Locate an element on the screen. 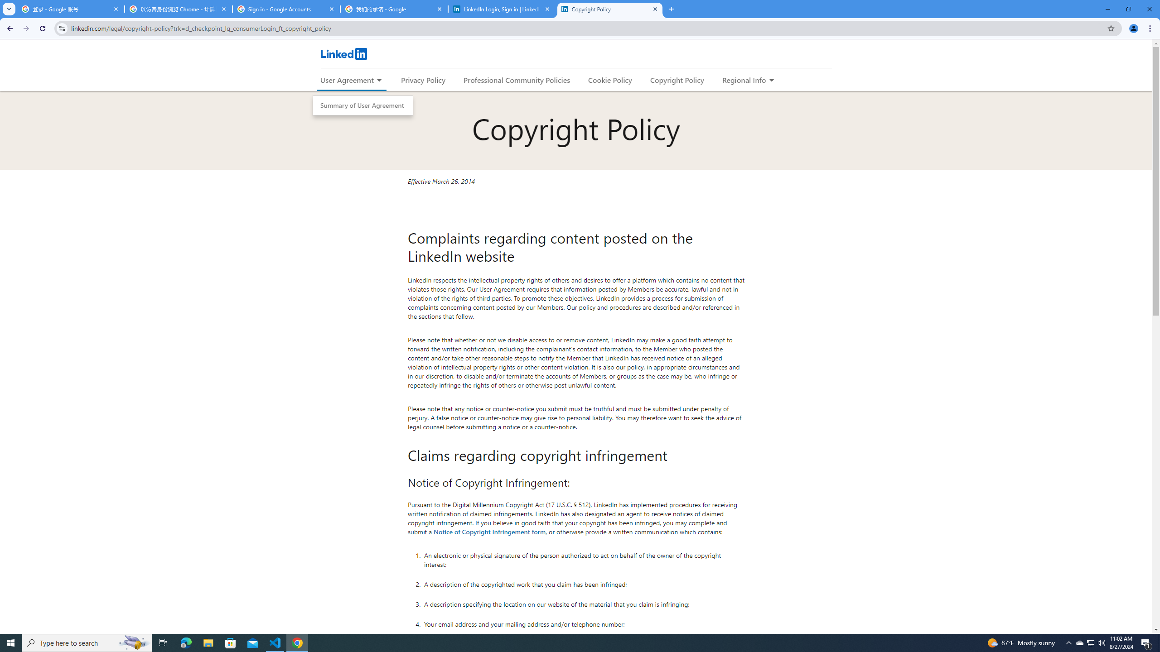 The height and width of the screenshot is (652, 1160). 'User Agreement' is located at coordinates (347, 80).